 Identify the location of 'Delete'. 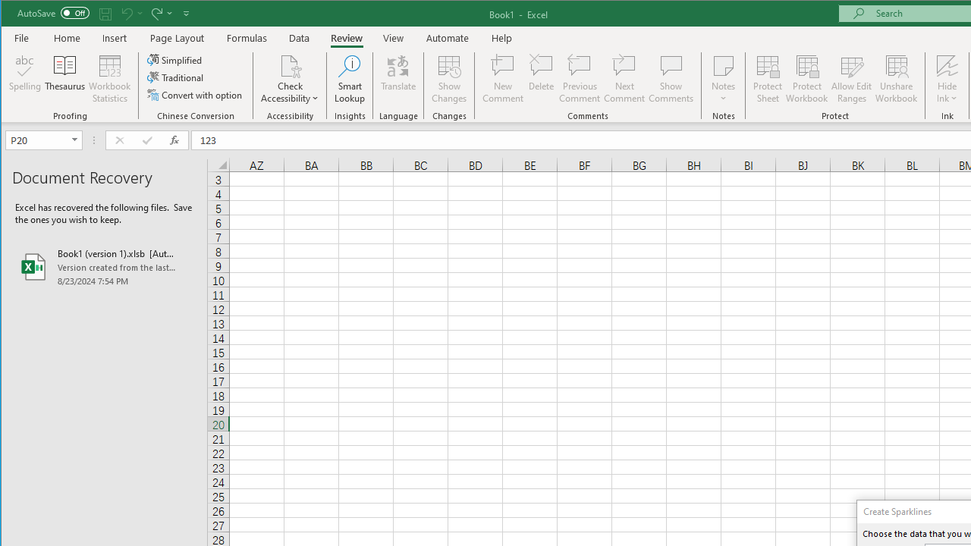
(541, 79).